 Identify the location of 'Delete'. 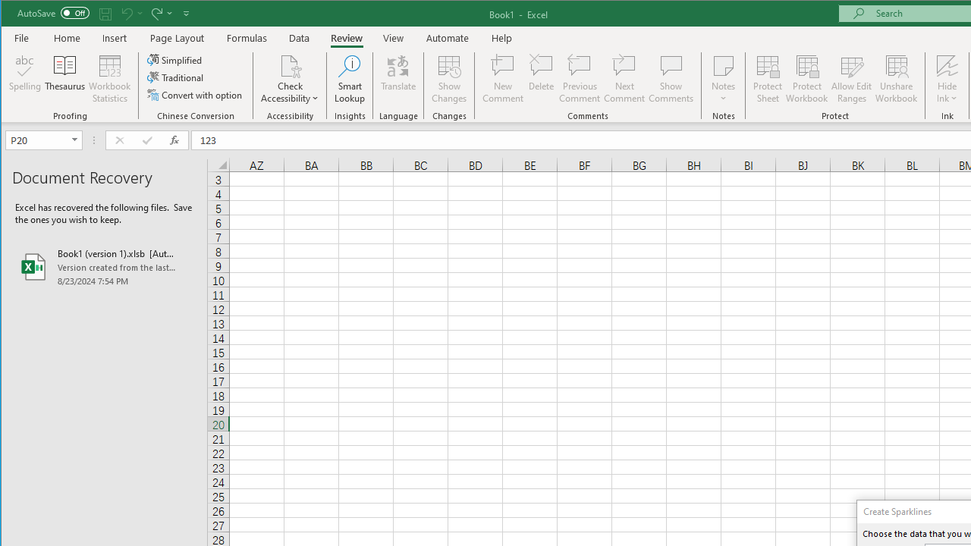
(541, 79).